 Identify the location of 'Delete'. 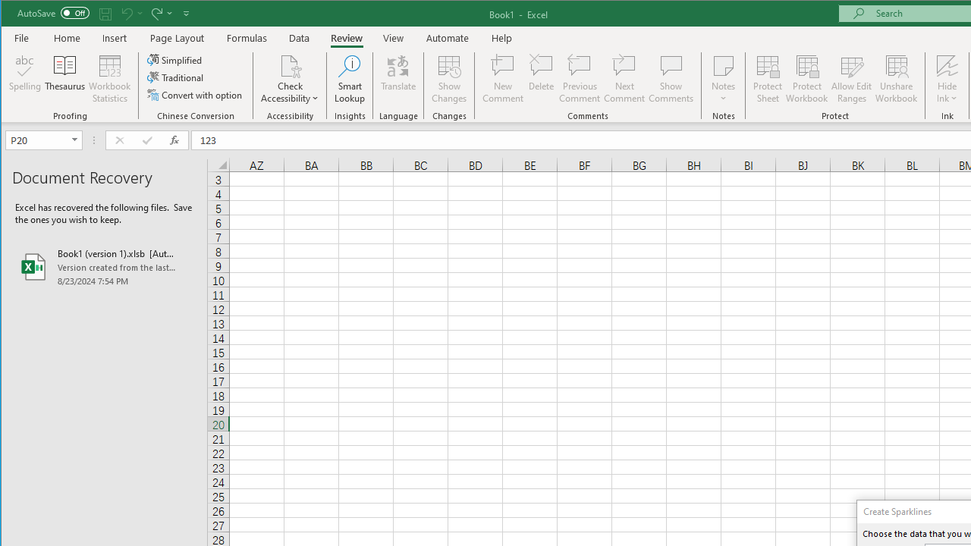
(541, 79).